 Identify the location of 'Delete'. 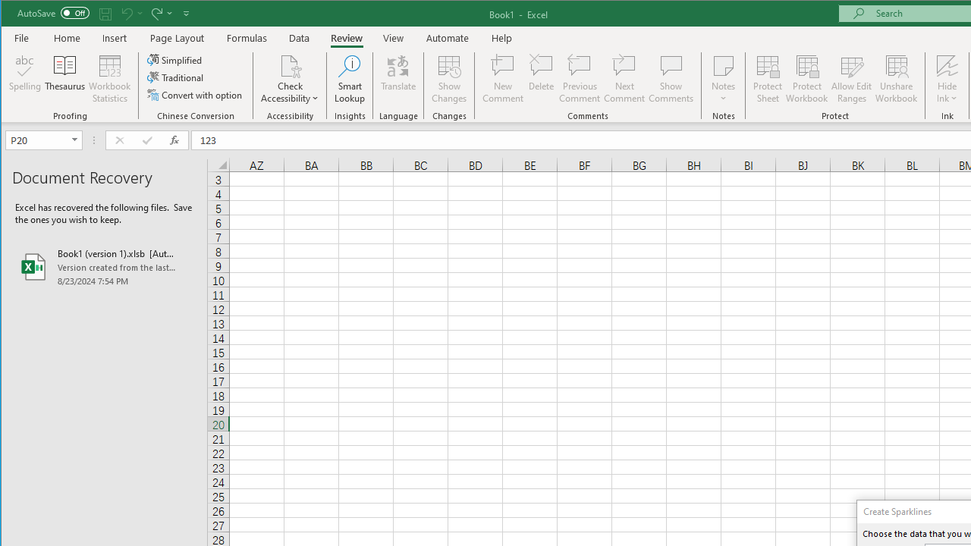
(541, 79).